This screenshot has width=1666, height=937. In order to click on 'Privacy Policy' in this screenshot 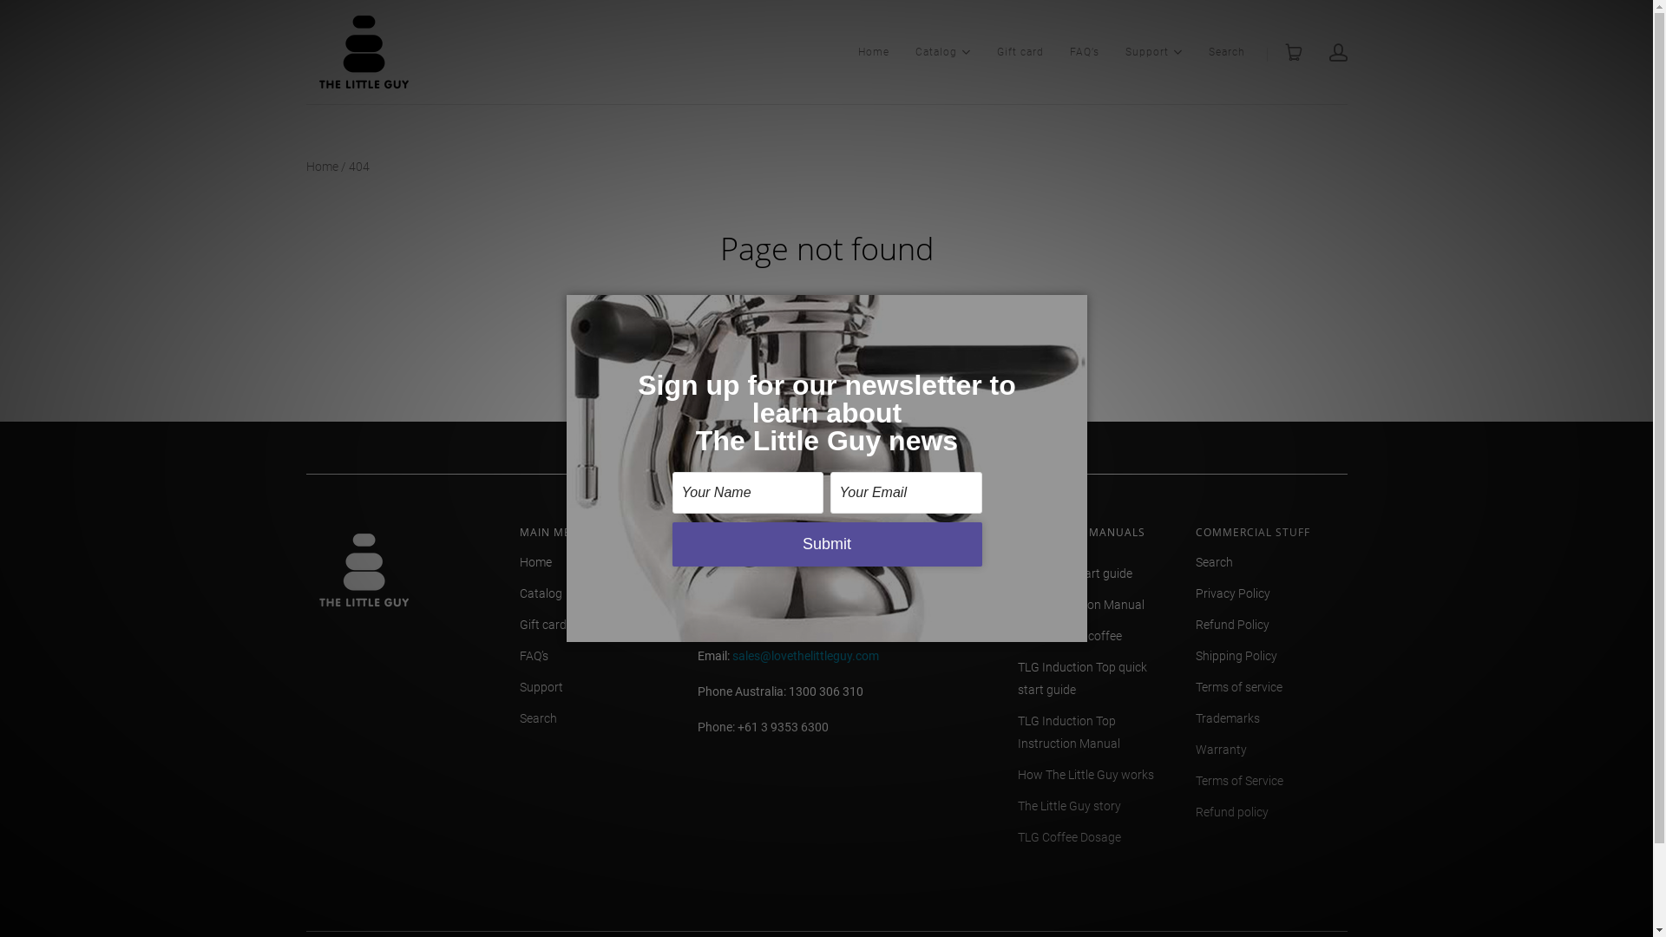, I will do `click(1231, 592)`.